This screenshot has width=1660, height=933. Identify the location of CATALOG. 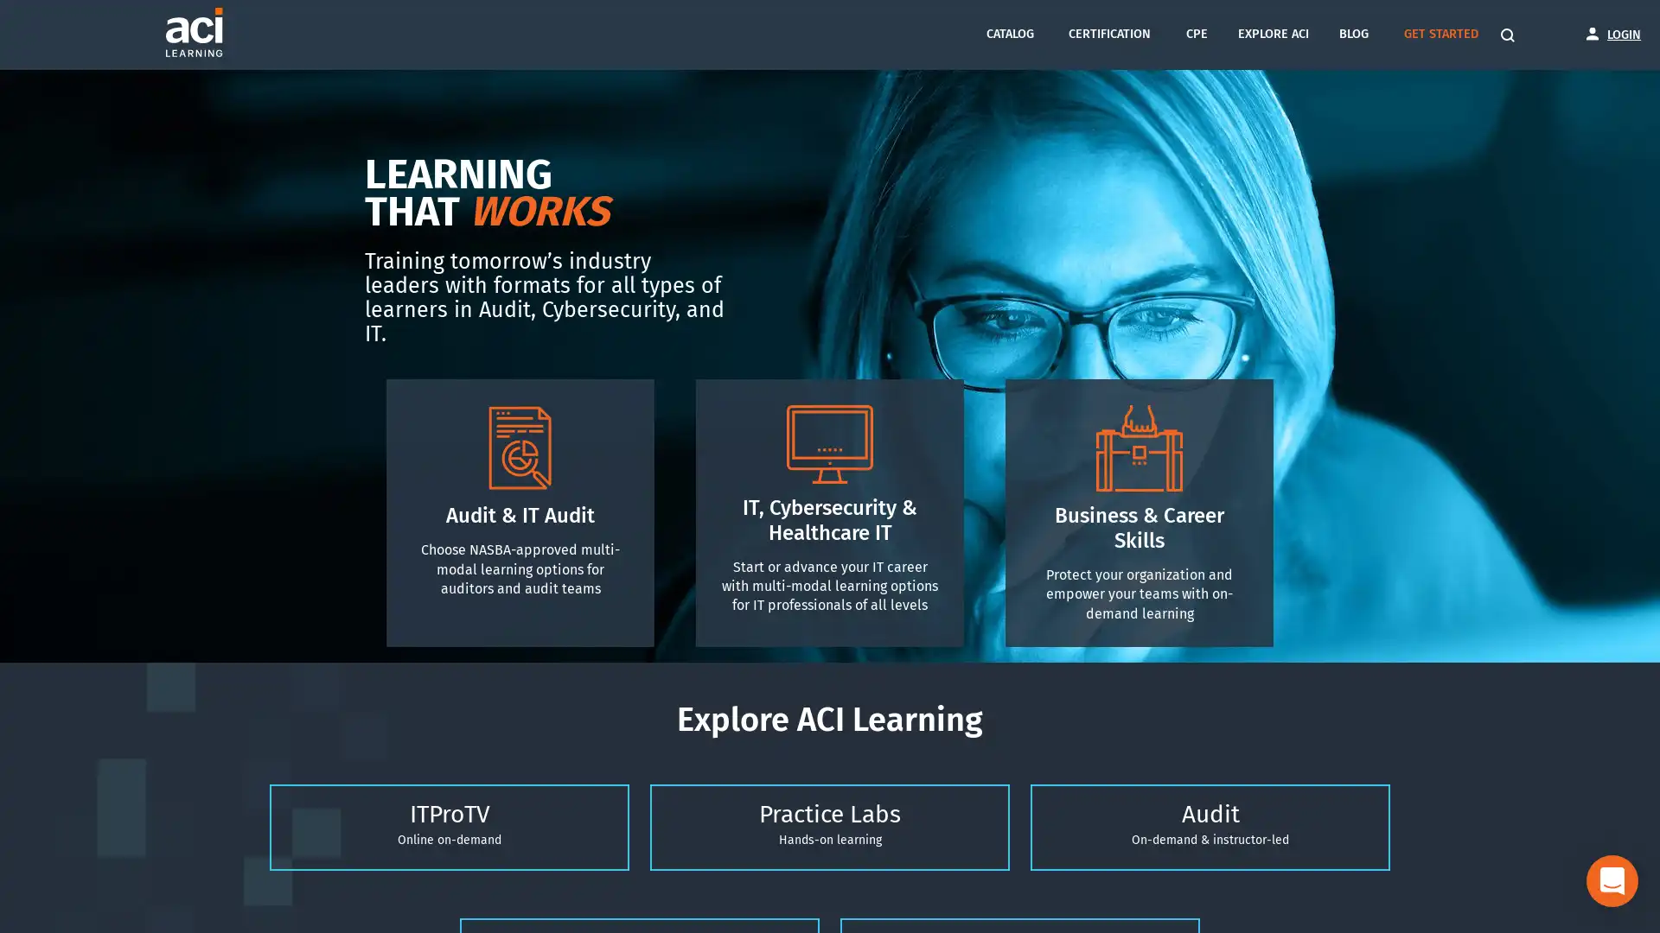
(1009, 34).